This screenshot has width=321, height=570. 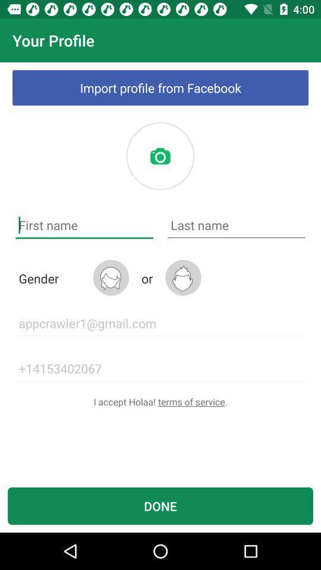 I want to click on the icon below the i accept holaa, so click(x=160, y=505).